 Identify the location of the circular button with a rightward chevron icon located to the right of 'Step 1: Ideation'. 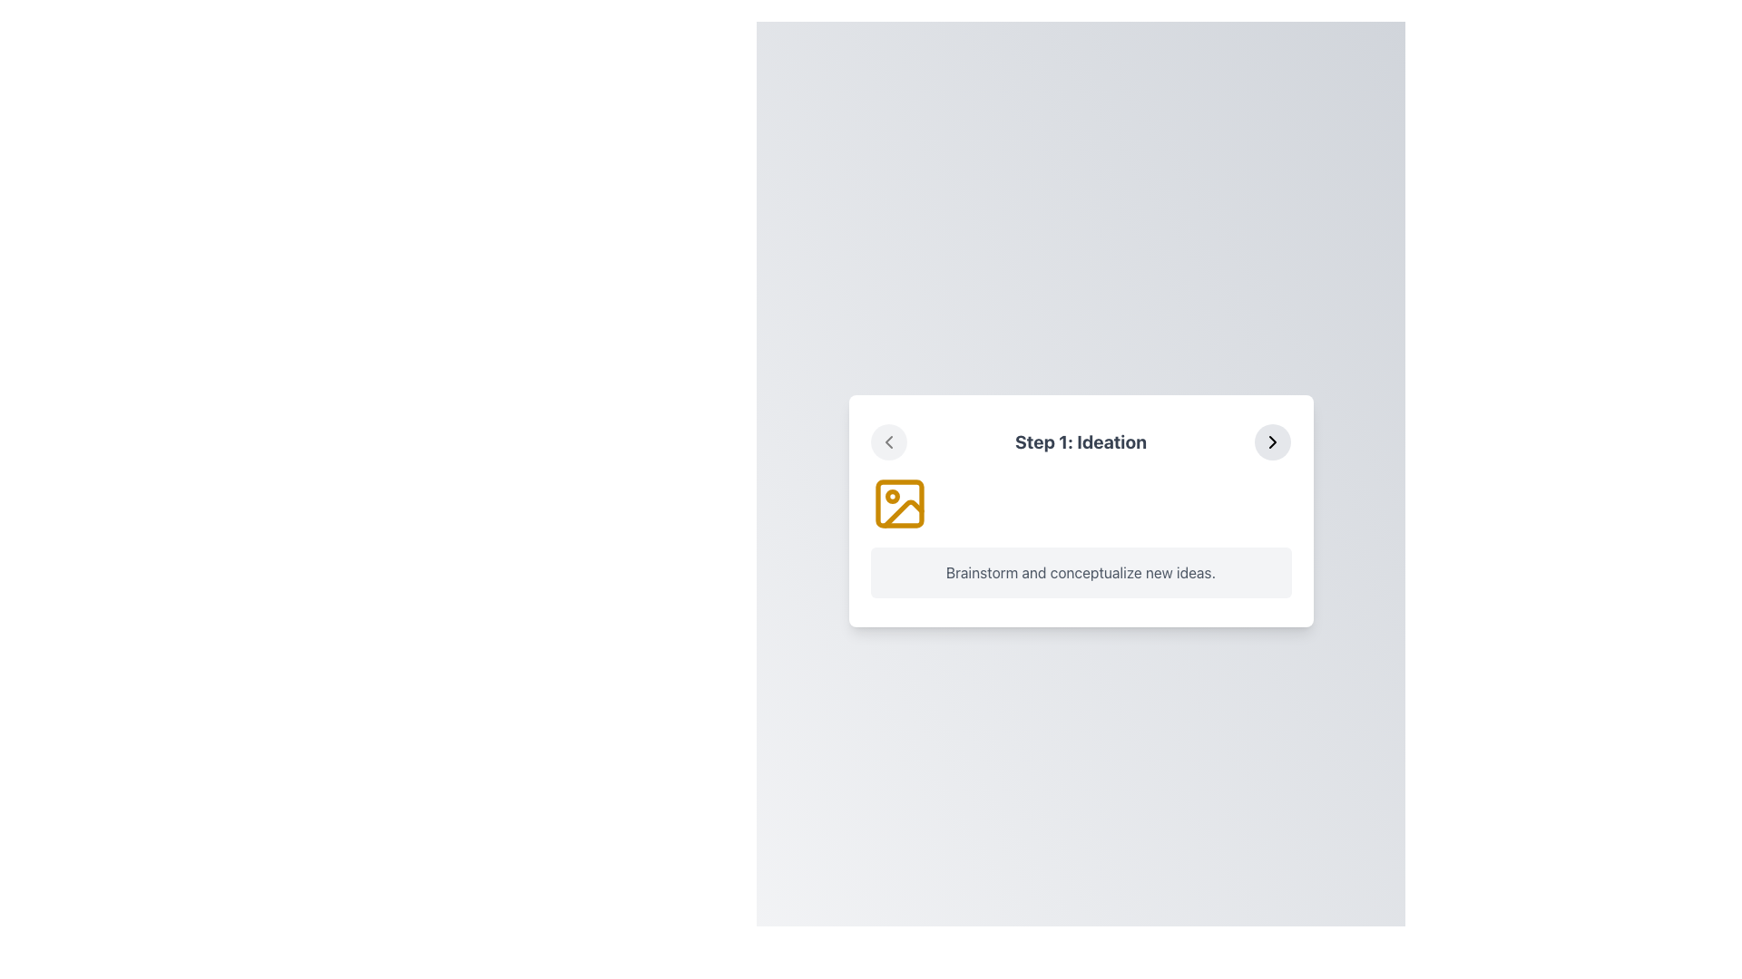
(1271, 442).